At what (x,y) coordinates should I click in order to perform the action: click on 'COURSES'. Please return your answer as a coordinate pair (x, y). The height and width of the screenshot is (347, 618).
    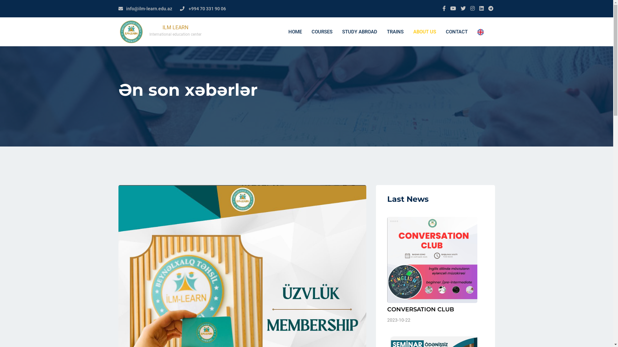
    Looking at the image, I should click on (306, 32).